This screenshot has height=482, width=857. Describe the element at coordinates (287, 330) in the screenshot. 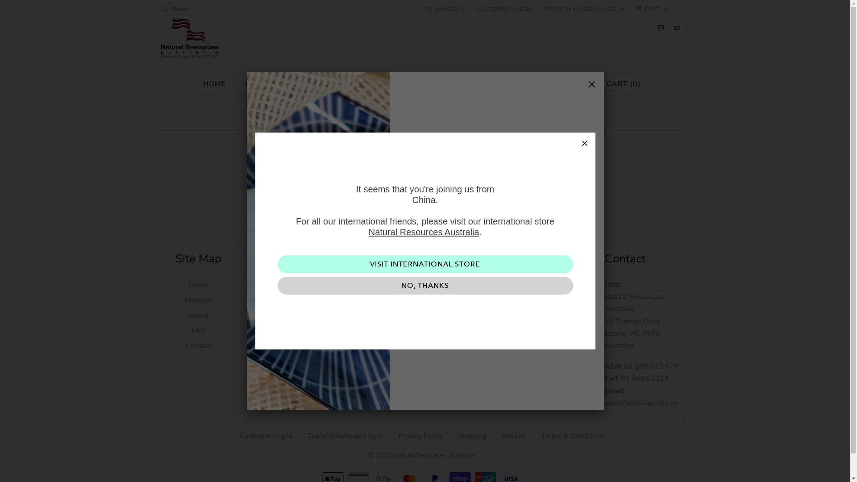

I see `'Diffusers'` at that location.